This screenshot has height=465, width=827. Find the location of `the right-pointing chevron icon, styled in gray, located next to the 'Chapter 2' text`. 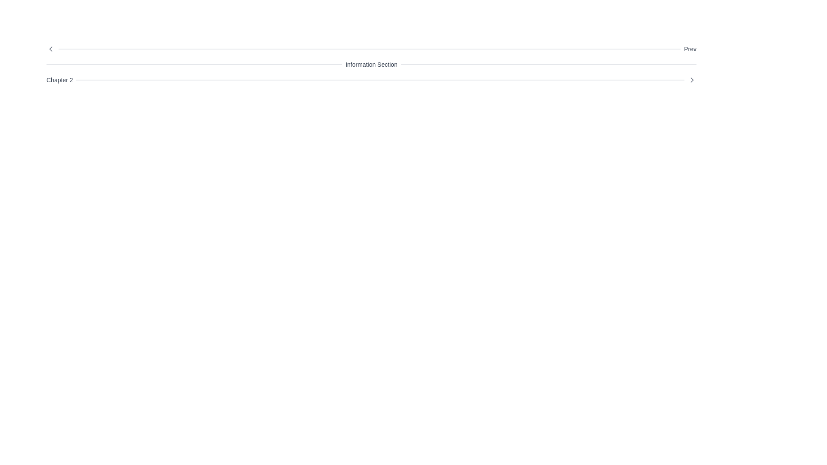

the right-pointing chevron icon, styled in gray, located next to the 'Chapter 2' text is located at coordinates (692, 80).